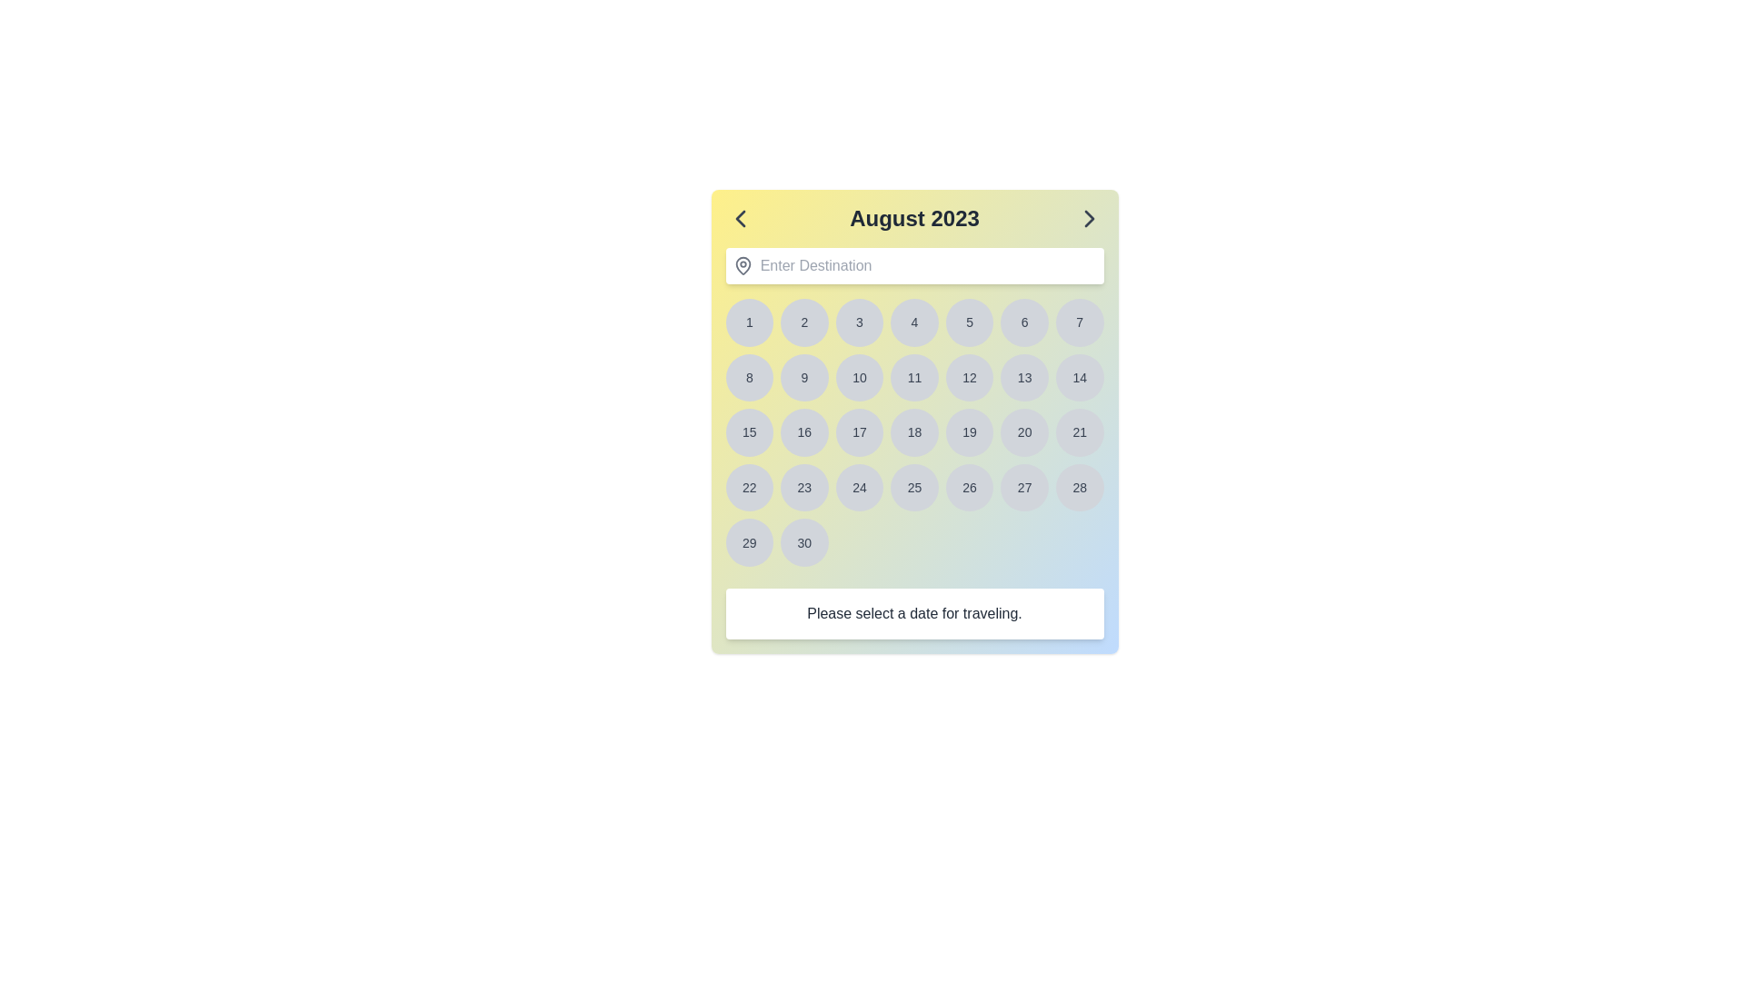 This screenshot has height=981, width=1745. What do you see at coordinates (749, 486) in the screenshot?
I see `the circular button labeled '22' with a light gray background in the calendar grid layout` at bounding box center [749, 486].